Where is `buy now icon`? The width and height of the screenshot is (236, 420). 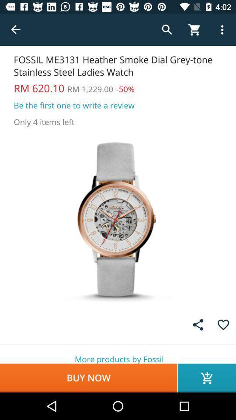 buy now icon is located at coordinates (88, 378).